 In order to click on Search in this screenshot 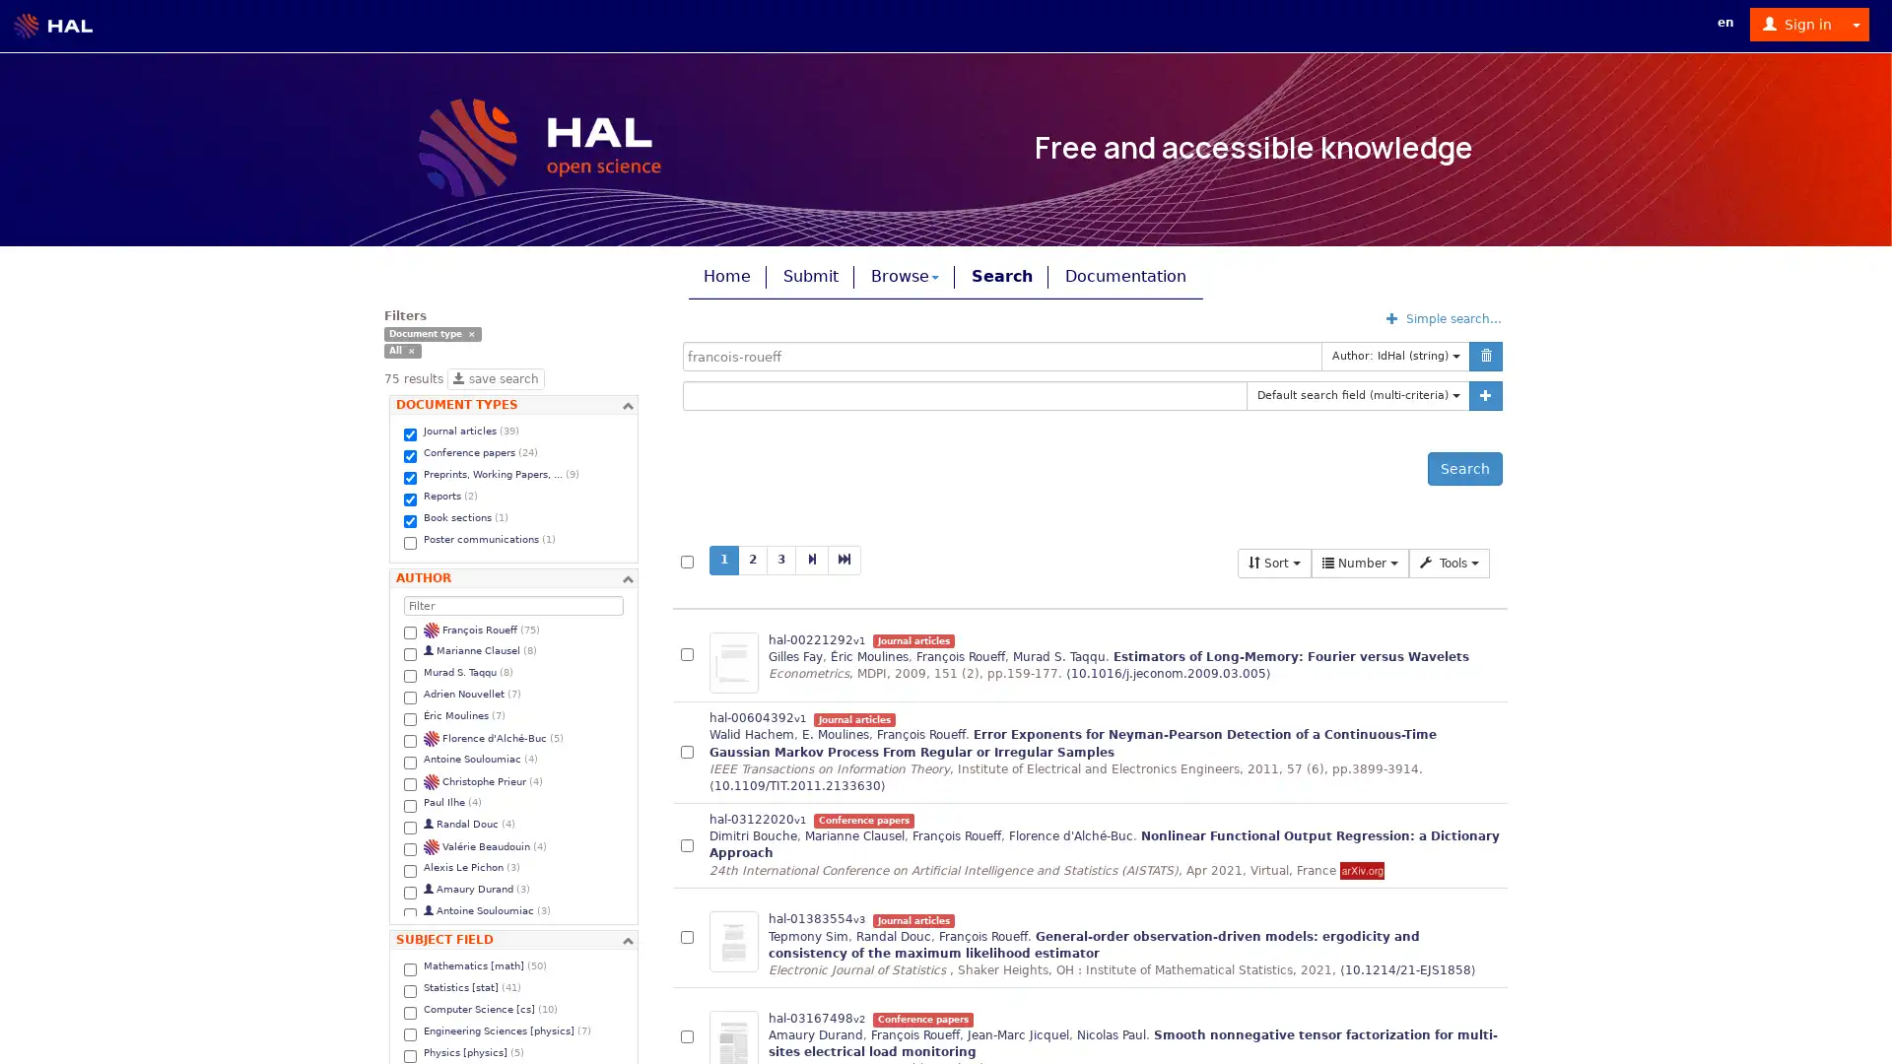, I will do `click(1465, 468)`.